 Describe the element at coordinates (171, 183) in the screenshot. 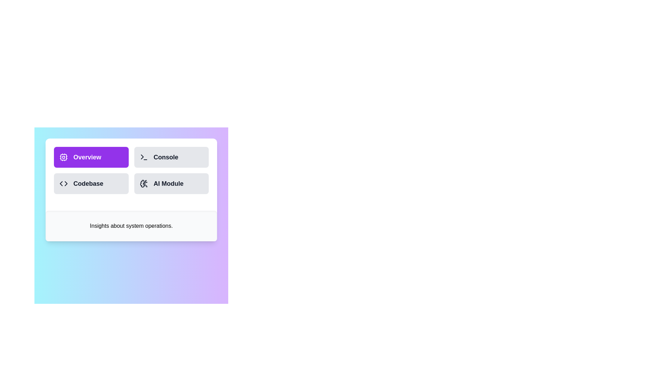

I see `the AI Module button to switch to the corresponding tab` at that location.